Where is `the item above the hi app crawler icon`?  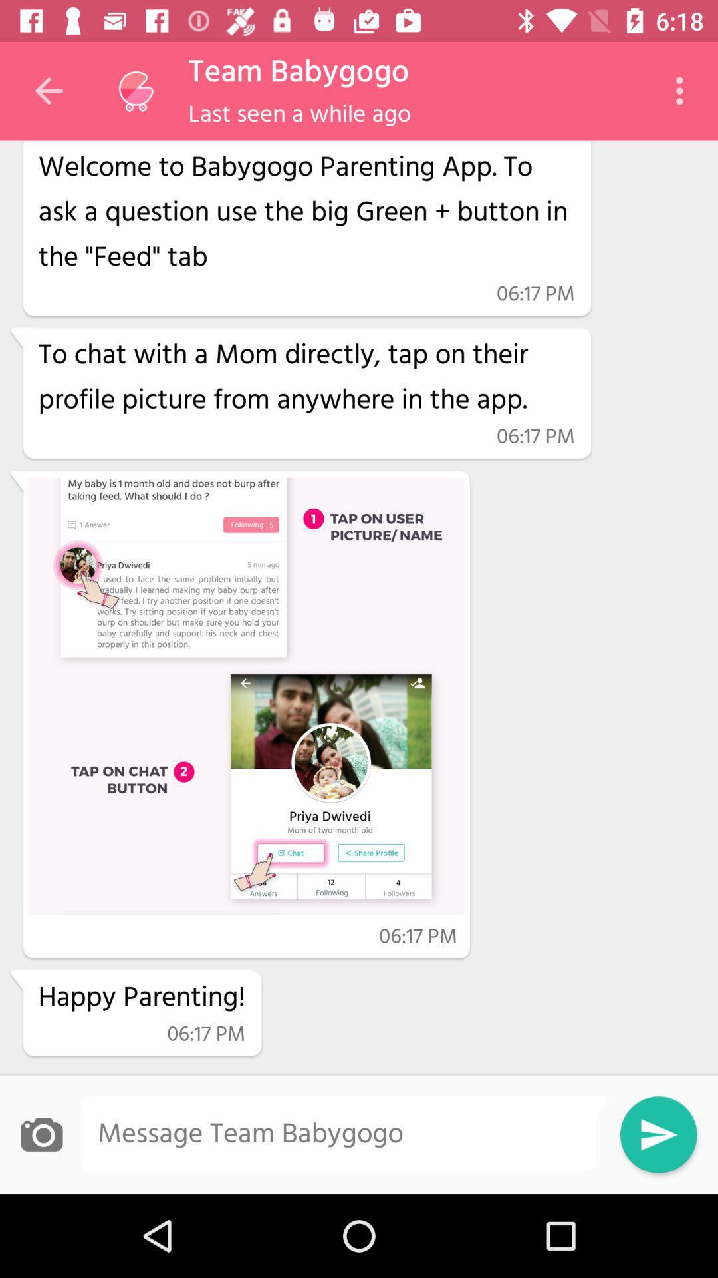
the item above the hi app crawler icon is located at coordinates (300, 115).